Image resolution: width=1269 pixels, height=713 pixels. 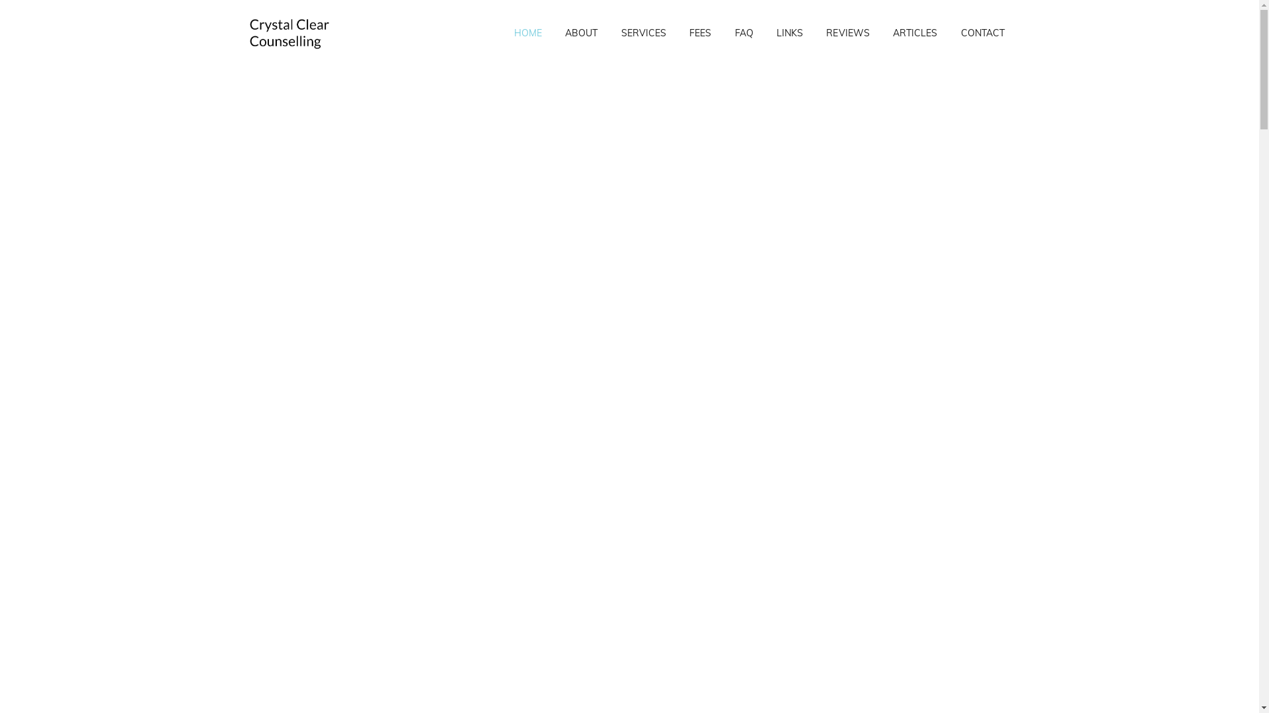 I want to click on 'ABOUT', so click(x=581, y=32).